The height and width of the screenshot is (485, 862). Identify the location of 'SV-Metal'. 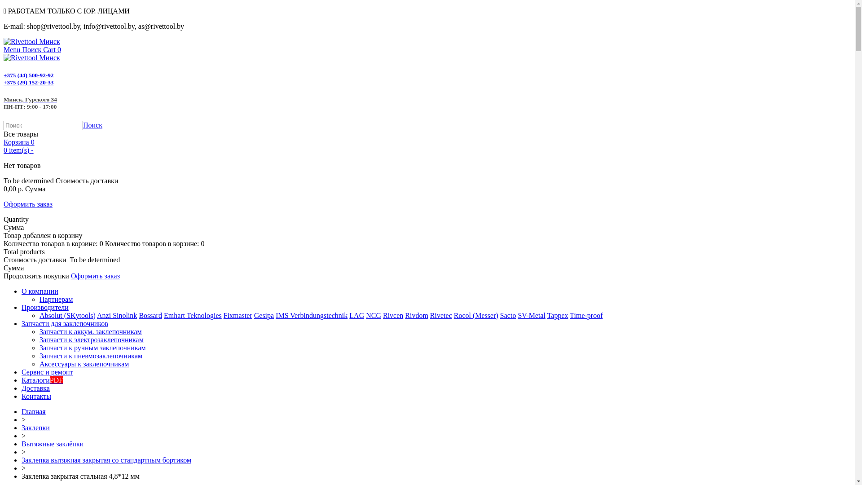
(532, 315).